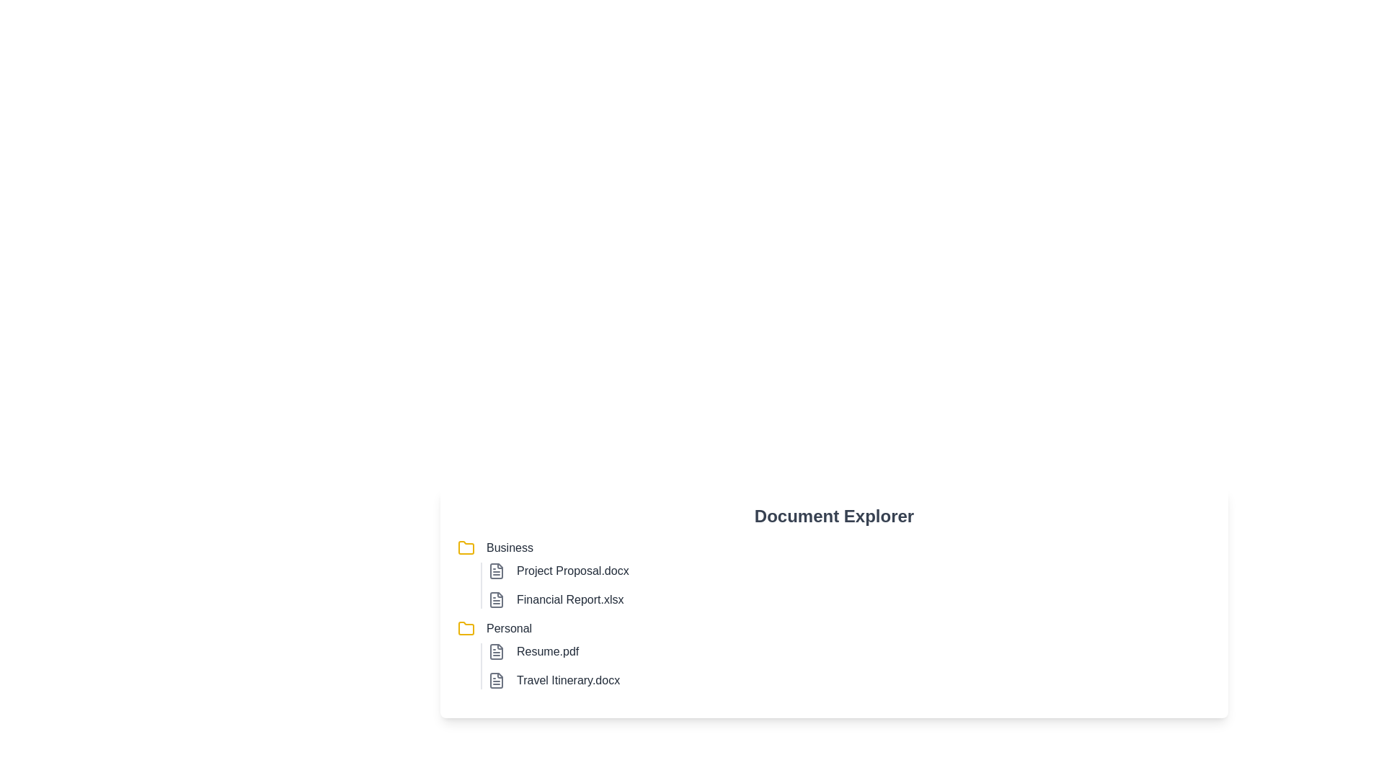 The width and height of the screenshot is (1384, 778). Describe the element at coordinates (569, 600) in the screenshot. I see `the text label representing the file titled 'Financial Report.xlsx' located` at that location.